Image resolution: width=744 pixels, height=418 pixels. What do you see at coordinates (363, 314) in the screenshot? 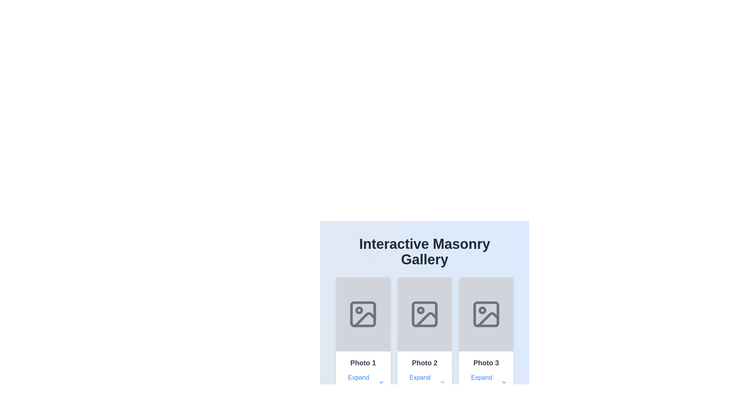
I see `the first icon representing 'Photo 1' in the 'Interactive Masonry Gallery' section` at bounding box center [363, 314].